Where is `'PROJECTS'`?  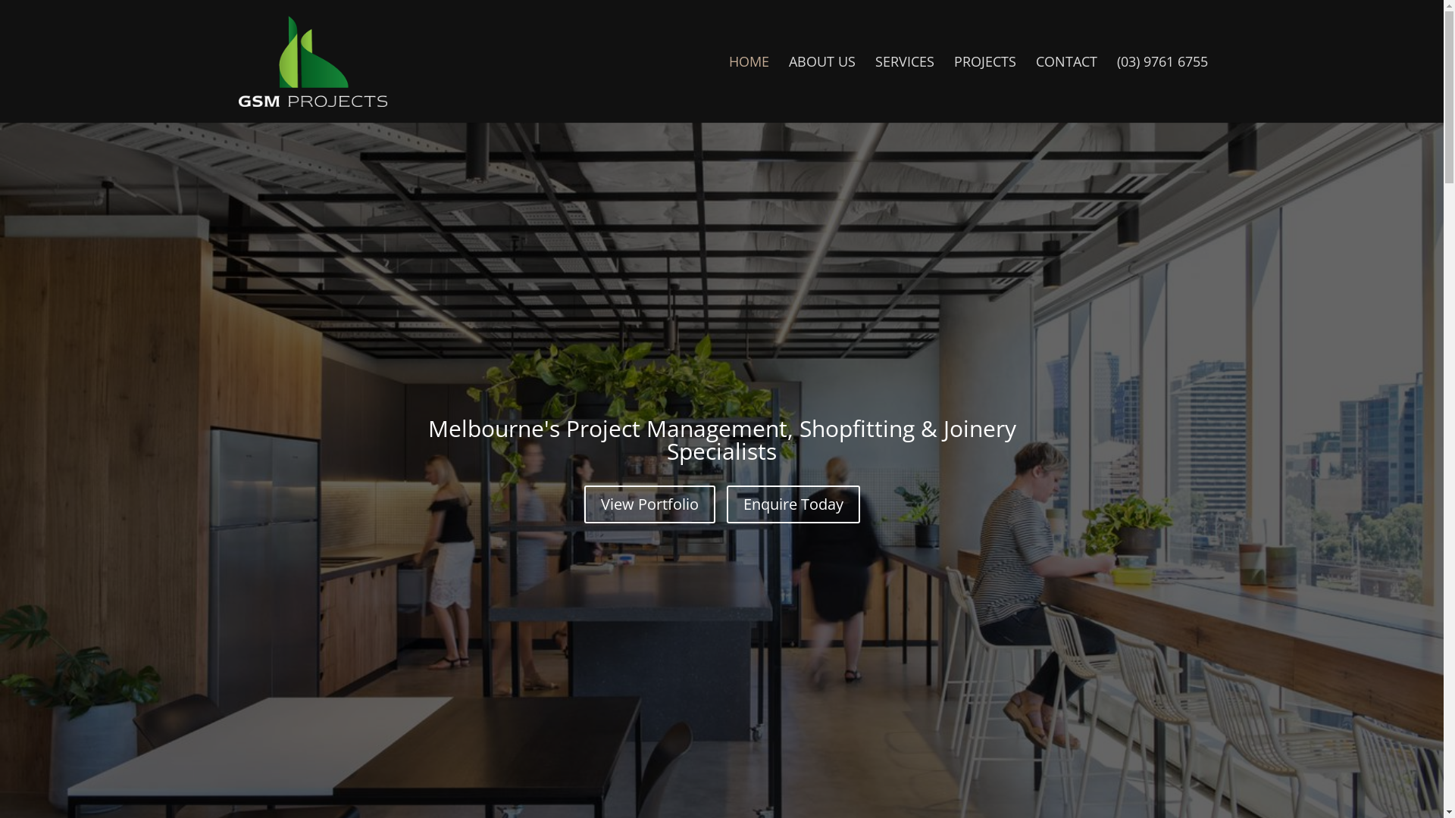 'PROJECTS' is located at coordinates (985, 89).